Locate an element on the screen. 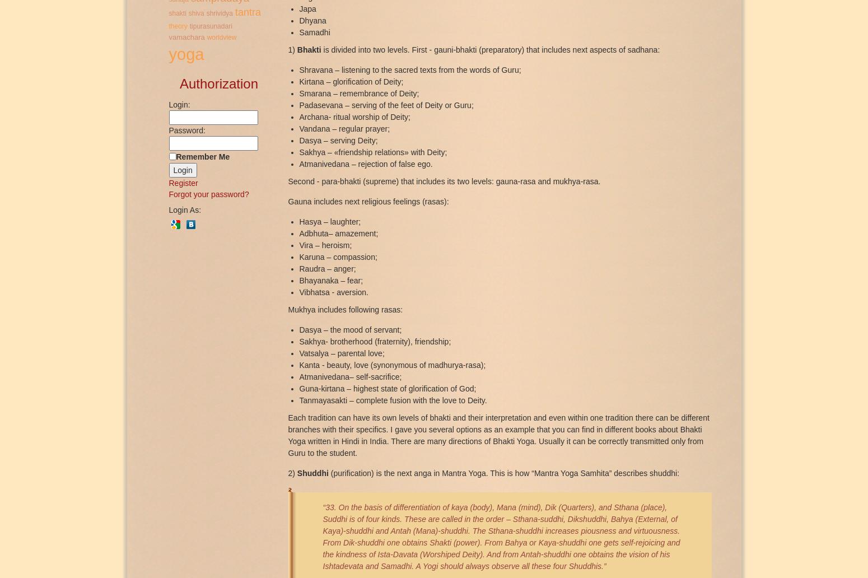 This screenshot has height=578, width=868. 'Archana- ritual worship of Deity;' is located at coordinates (354, 116).